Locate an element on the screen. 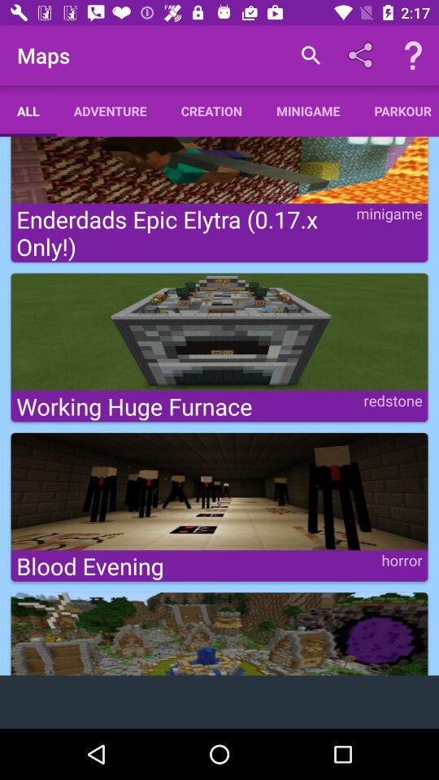 The width and height of the screenshot is (439, 780). help option is located at coordinates (413, 55).